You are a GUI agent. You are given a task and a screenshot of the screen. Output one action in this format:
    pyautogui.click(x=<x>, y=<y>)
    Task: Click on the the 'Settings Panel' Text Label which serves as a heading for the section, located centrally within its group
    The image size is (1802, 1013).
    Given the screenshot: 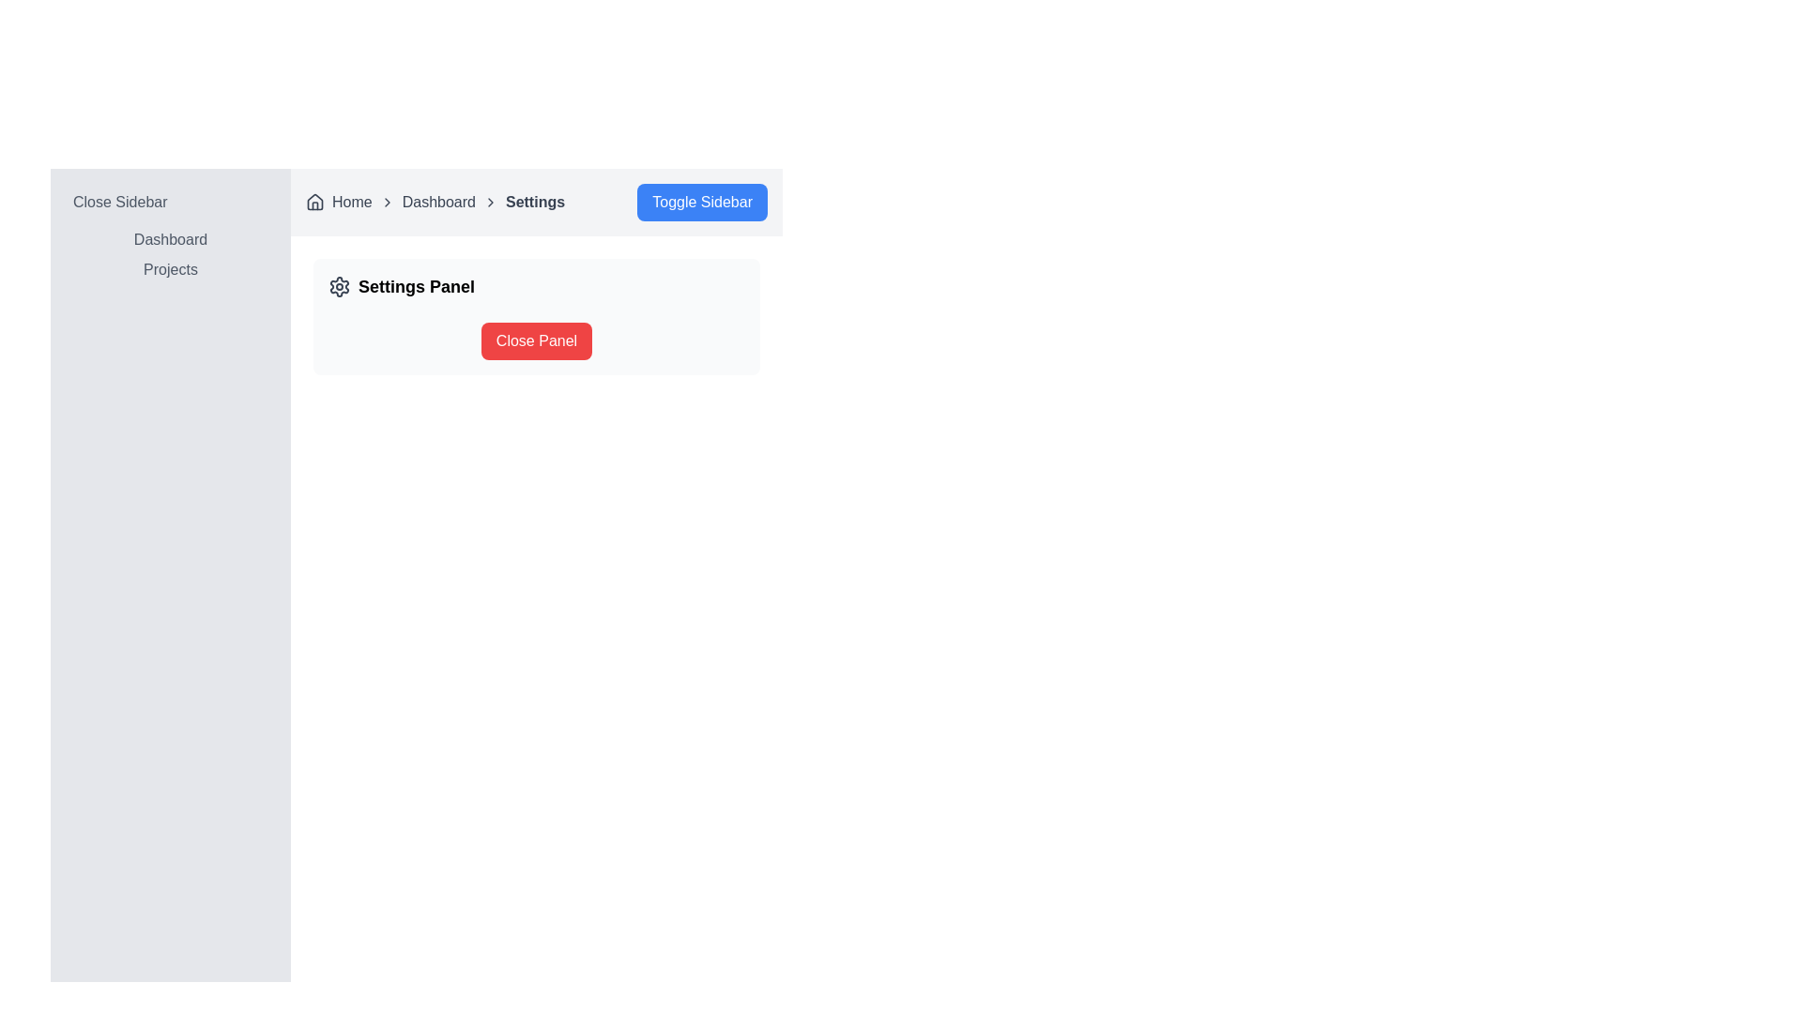 What is the action you would take?
    pyautogui.click(x=416, y=286)
    